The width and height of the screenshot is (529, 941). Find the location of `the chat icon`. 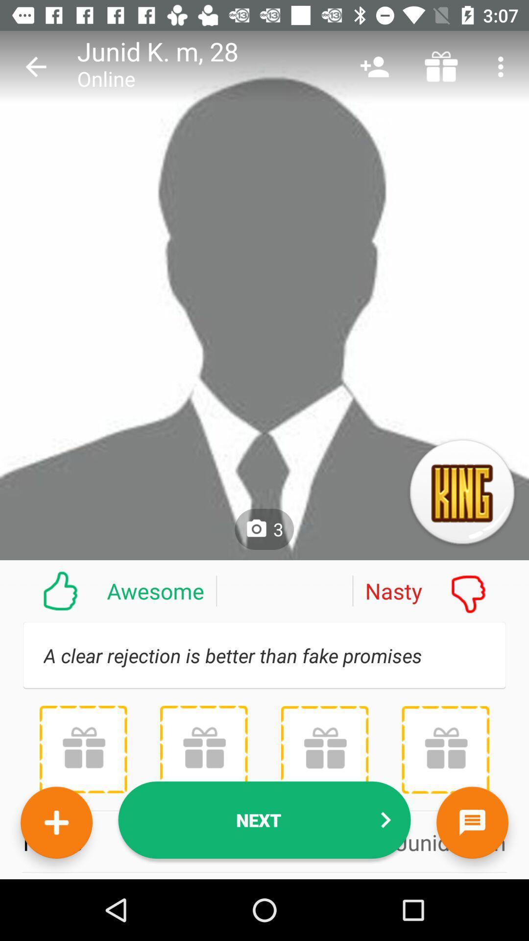

the chat icon is located at coordinates (472, 822).